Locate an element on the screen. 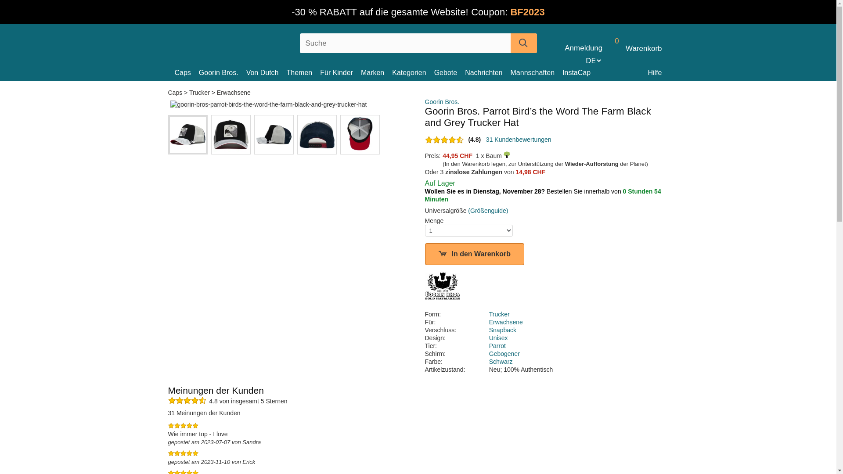 This screenshot has width=843, height=474. 'Anmeldung' is located at coordinates (584, 48).